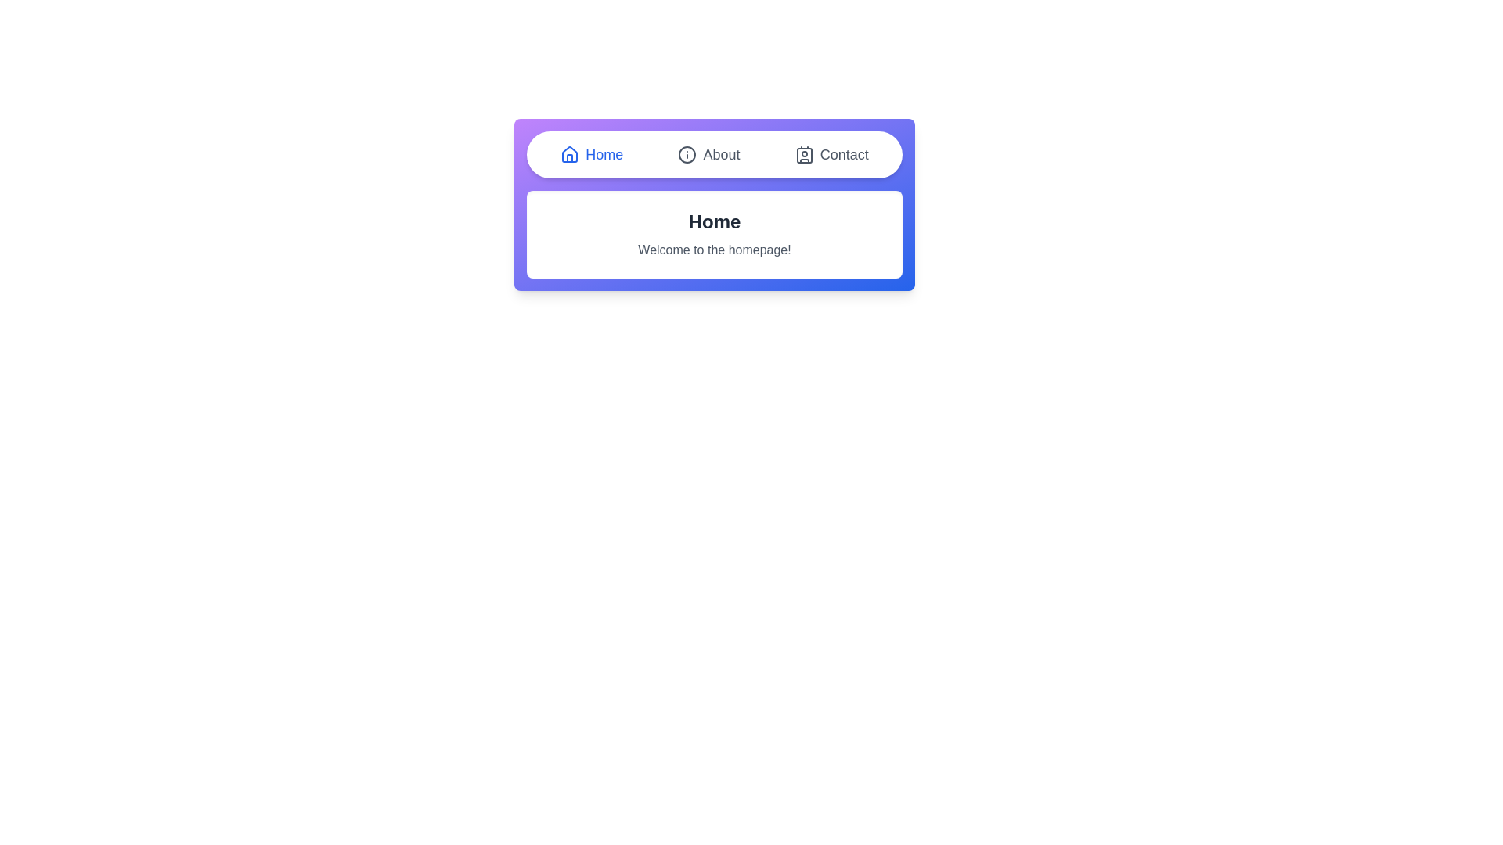 This screenshot has width=1503, height=845. I want to click on the tab labeled Contact to see the hover effect, so click(831, 154).